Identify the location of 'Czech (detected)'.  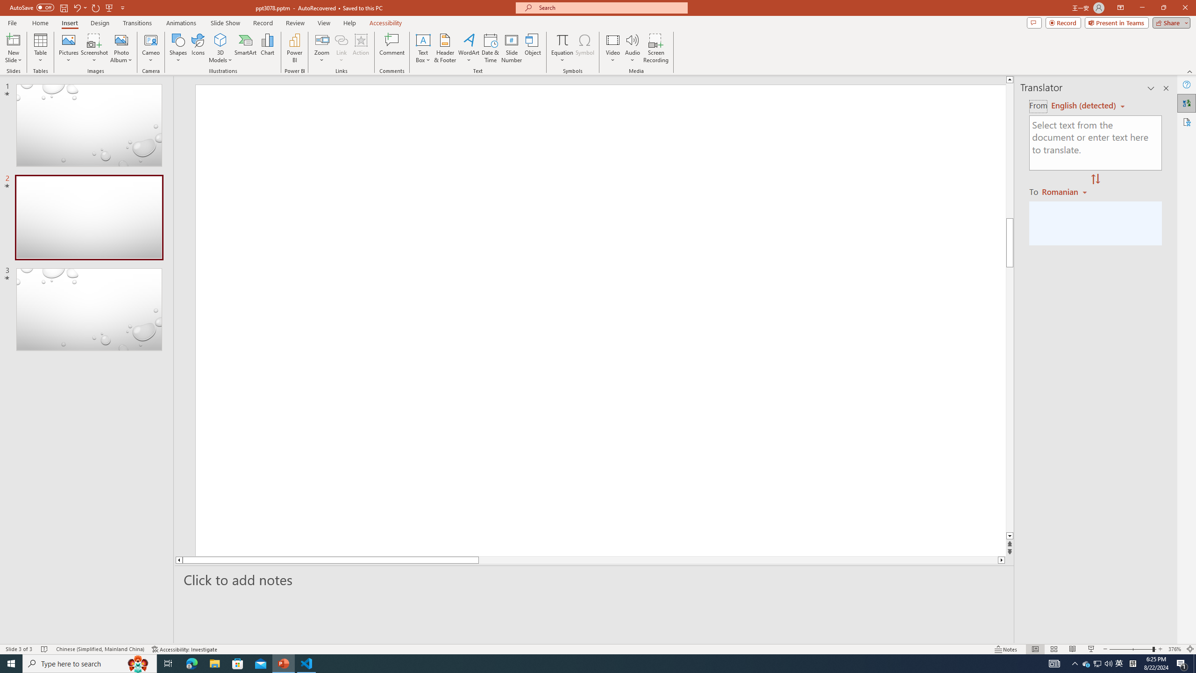
(1083, 105).